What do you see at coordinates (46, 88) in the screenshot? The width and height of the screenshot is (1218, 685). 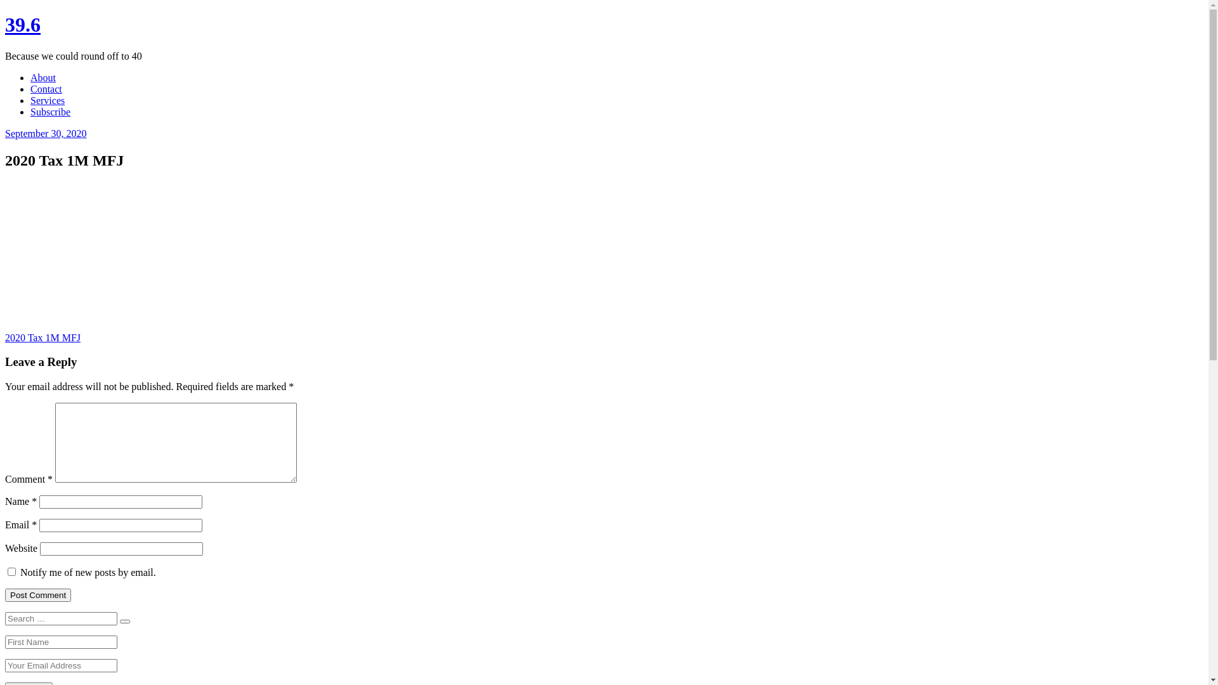 I see `'Contact'` at bounding box center [46, 88].